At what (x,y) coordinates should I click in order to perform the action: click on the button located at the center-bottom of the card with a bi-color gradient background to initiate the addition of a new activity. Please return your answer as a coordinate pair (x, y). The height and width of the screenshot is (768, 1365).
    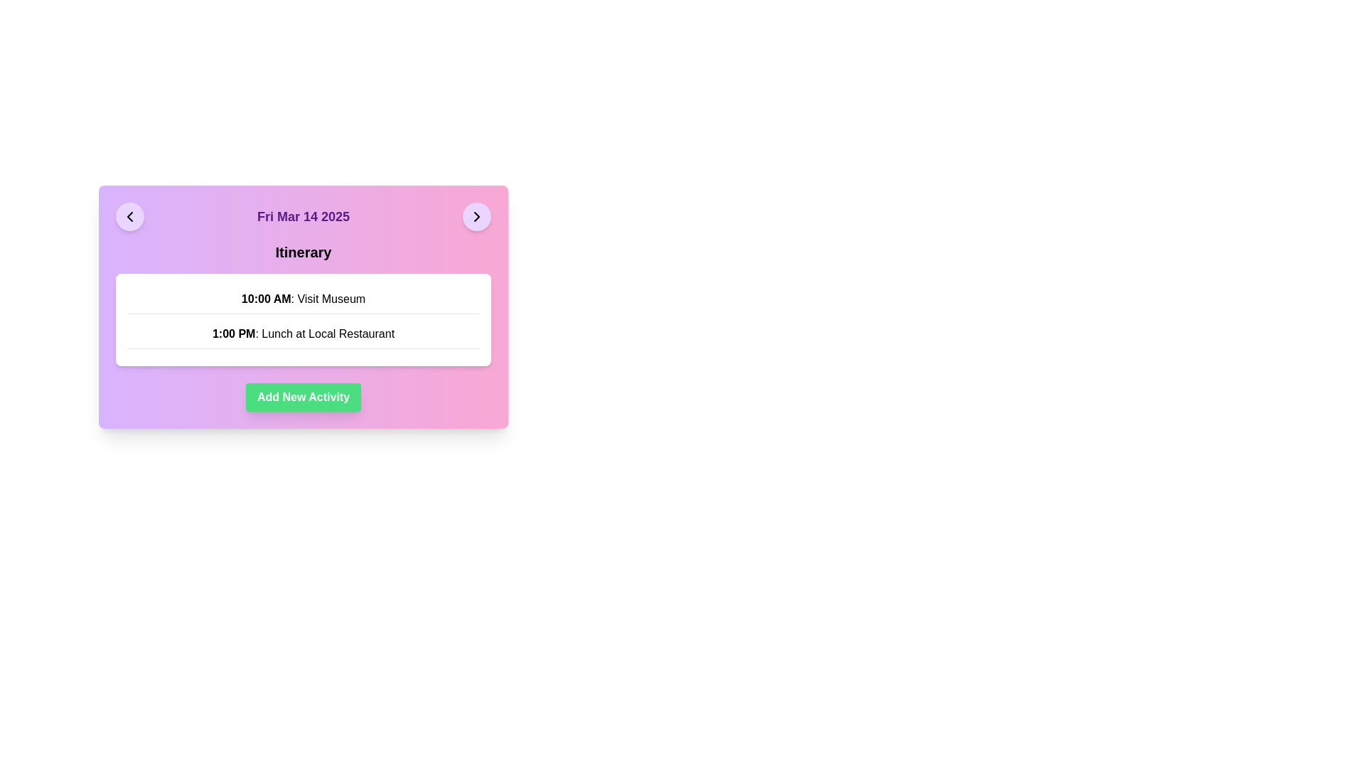
    Looking at the image, I should click on (303, 398).